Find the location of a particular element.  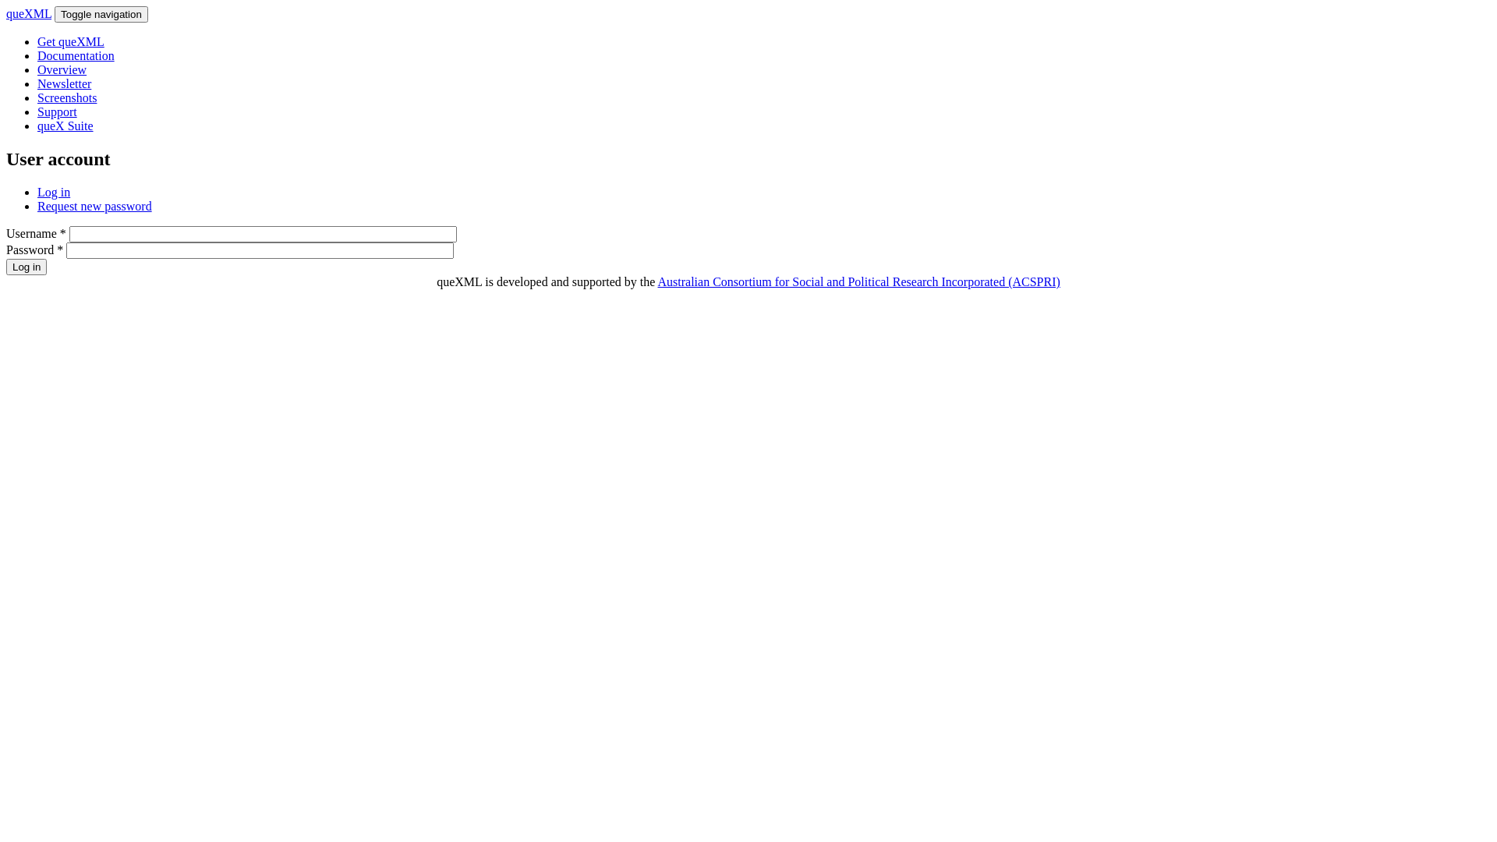

'Enter your queXML username.' is located at coordinates (263, 234).